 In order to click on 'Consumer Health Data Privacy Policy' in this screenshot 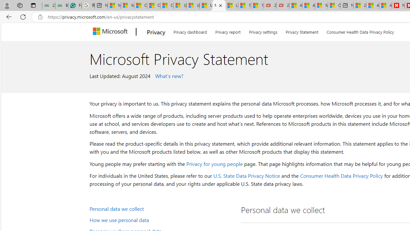, I will do `click(341, 175)`.